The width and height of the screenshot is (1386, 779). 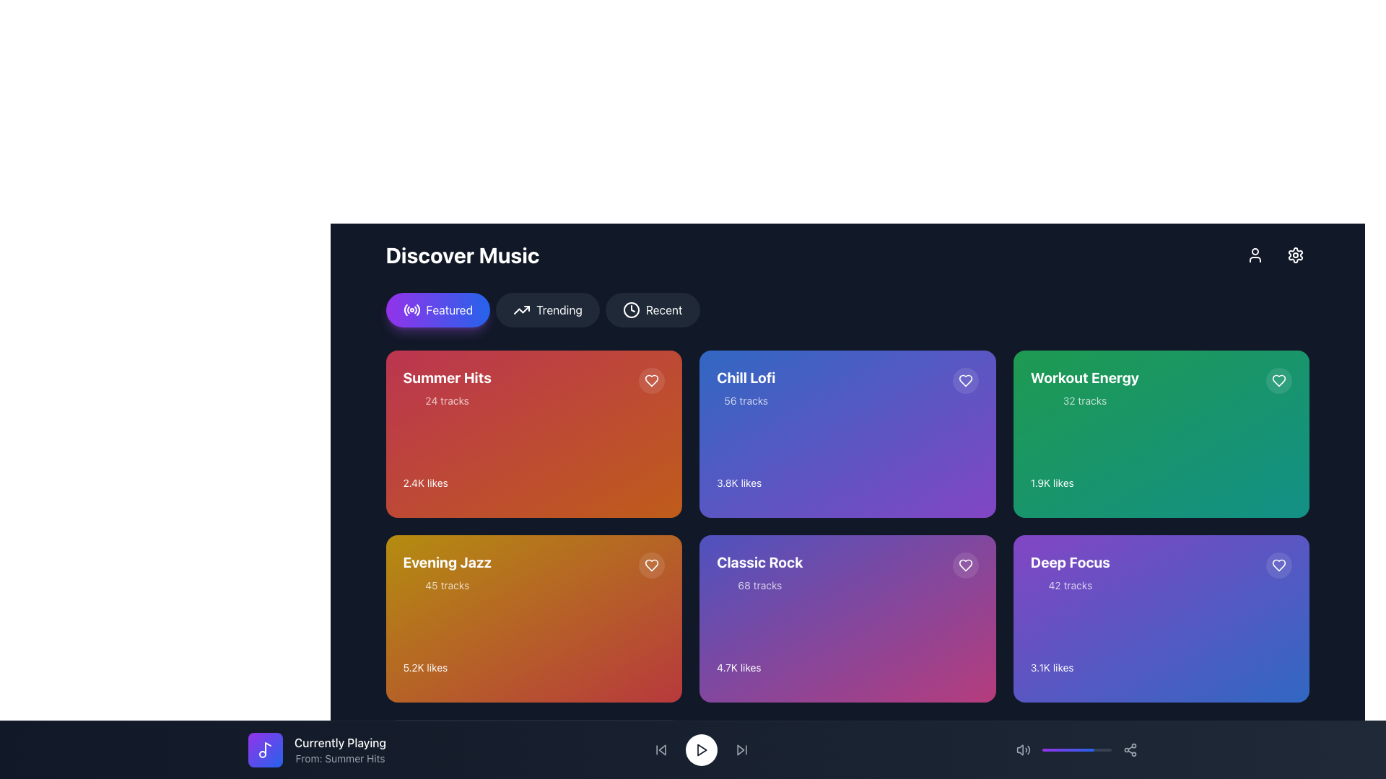 I want to click on the 'Chill Lofi' content card located in the second column of the first row, so click(x=847, y=433).